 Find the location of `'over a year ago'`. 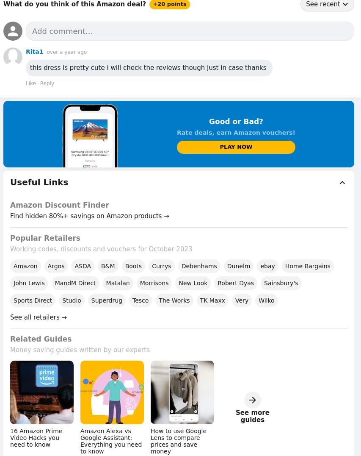

'over a year ago' is located at coordinates (66, 51).